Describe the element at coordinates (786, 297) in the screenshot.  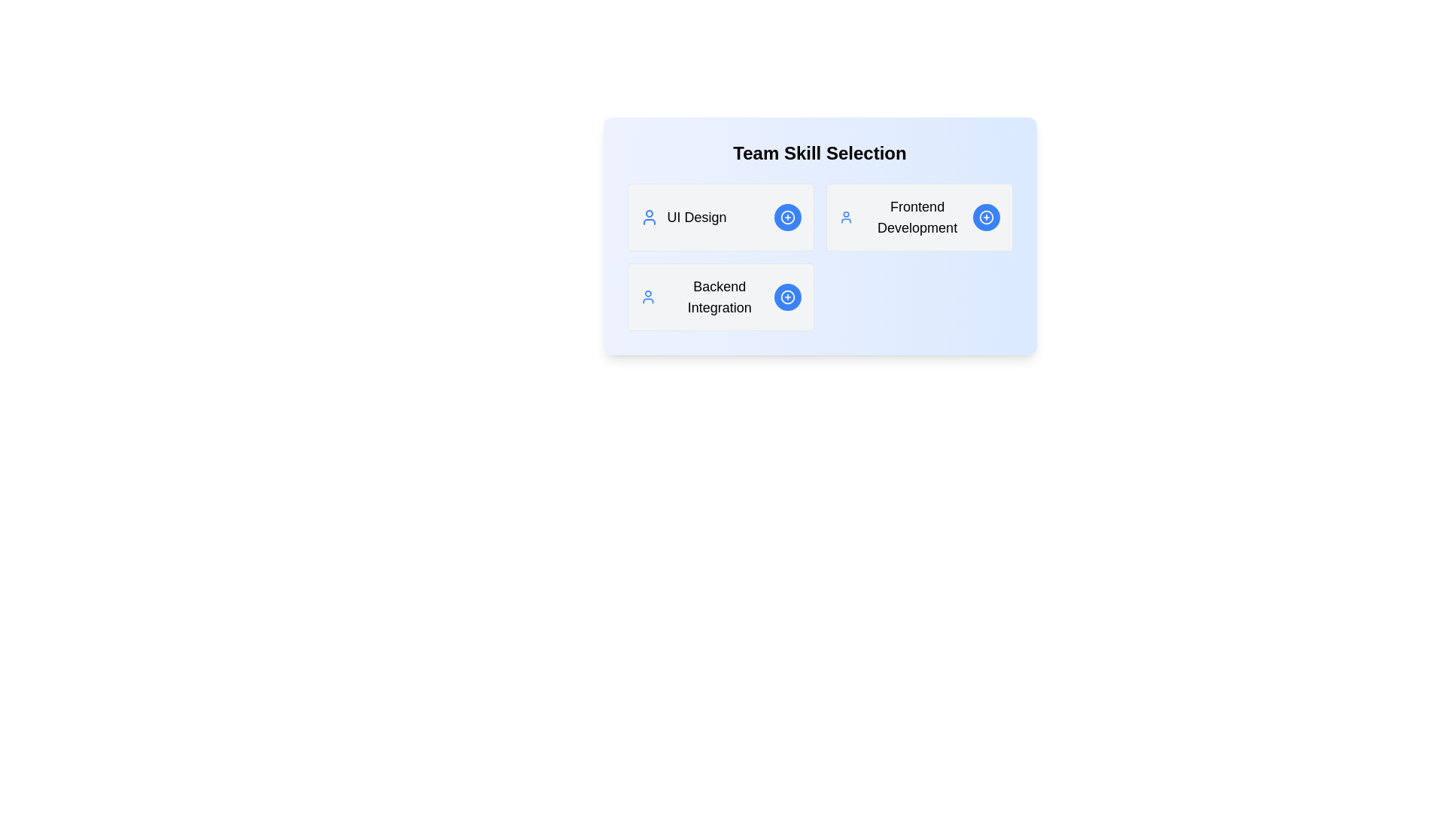
I see `action button for the skill Backend Integration to toggle its assignment state` at that location.